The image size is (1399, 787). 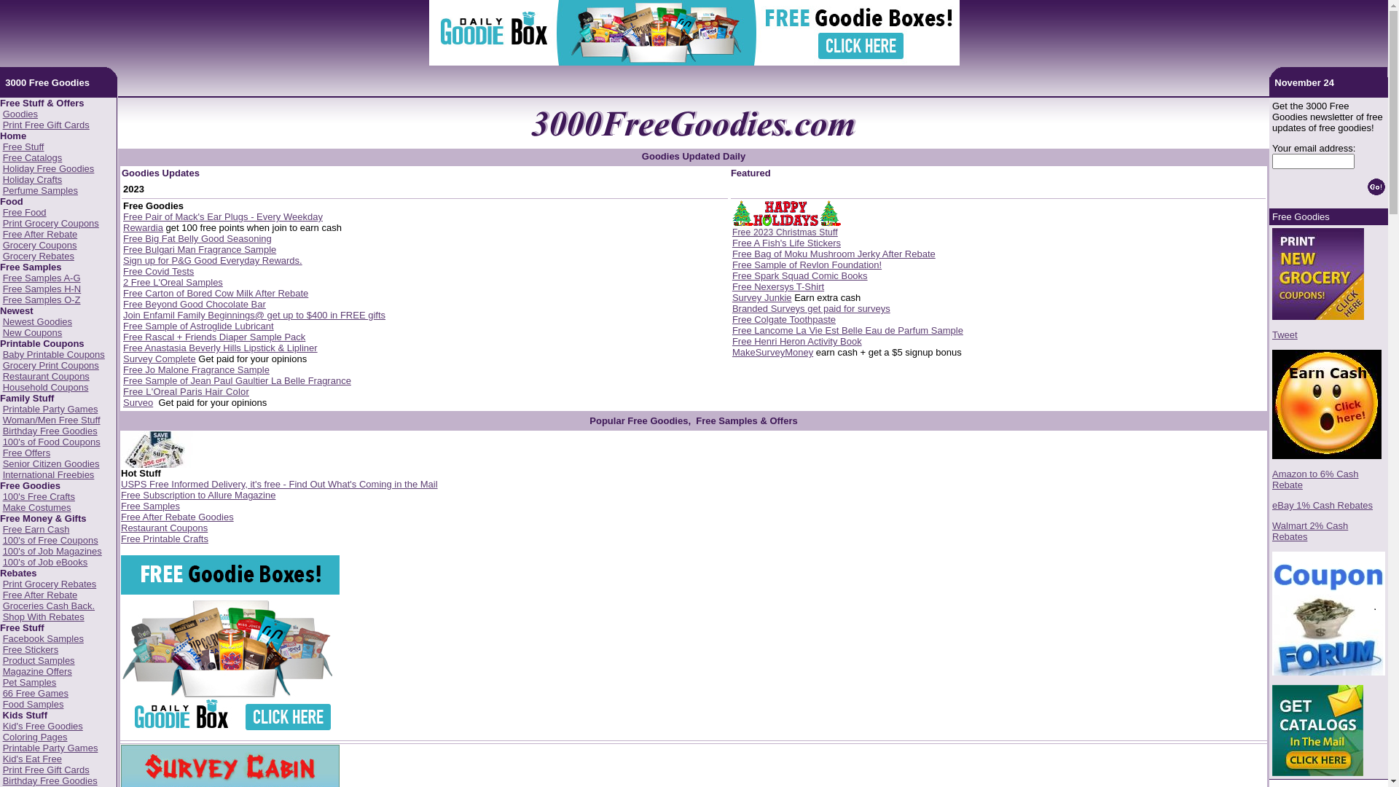 I want to click on 'Free Rascal + Friends Diaper Sample Pack', so click(x=213, y=337).